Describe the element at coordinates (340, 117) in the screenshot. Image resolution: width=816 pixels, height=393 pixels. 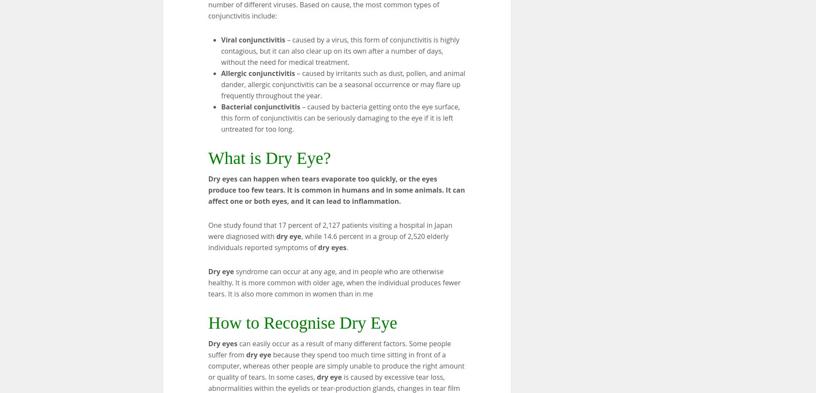
I see `'– caused by bacteria getting onto the eye surface, this form of conjunctivitis can be seriously damaging to the eye if it is left untreated for too long.'` at that location.